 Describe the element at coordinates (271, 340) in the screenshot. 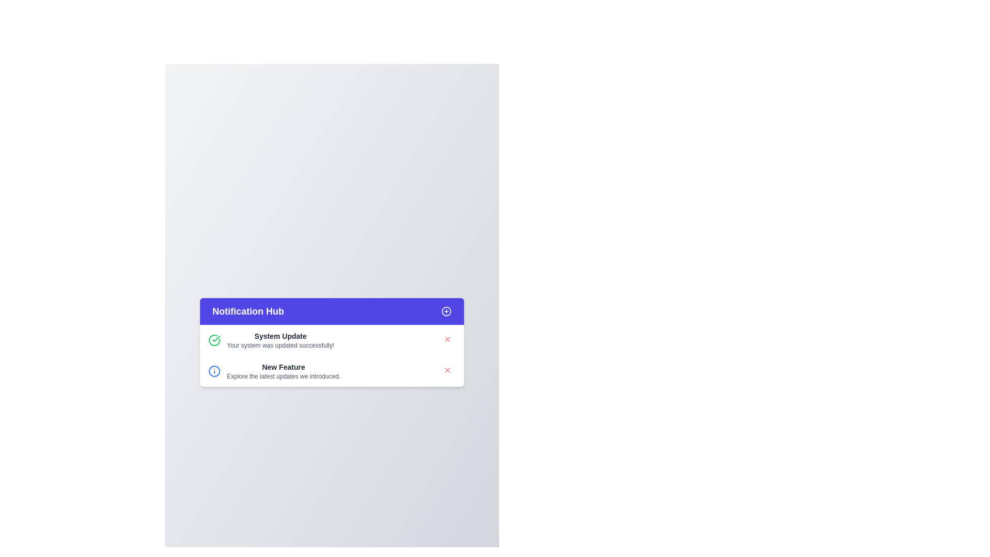

I see `the upper notification in the notification panel that communicates successful completion of a system update, located next to a green check-mark icon` at that location.